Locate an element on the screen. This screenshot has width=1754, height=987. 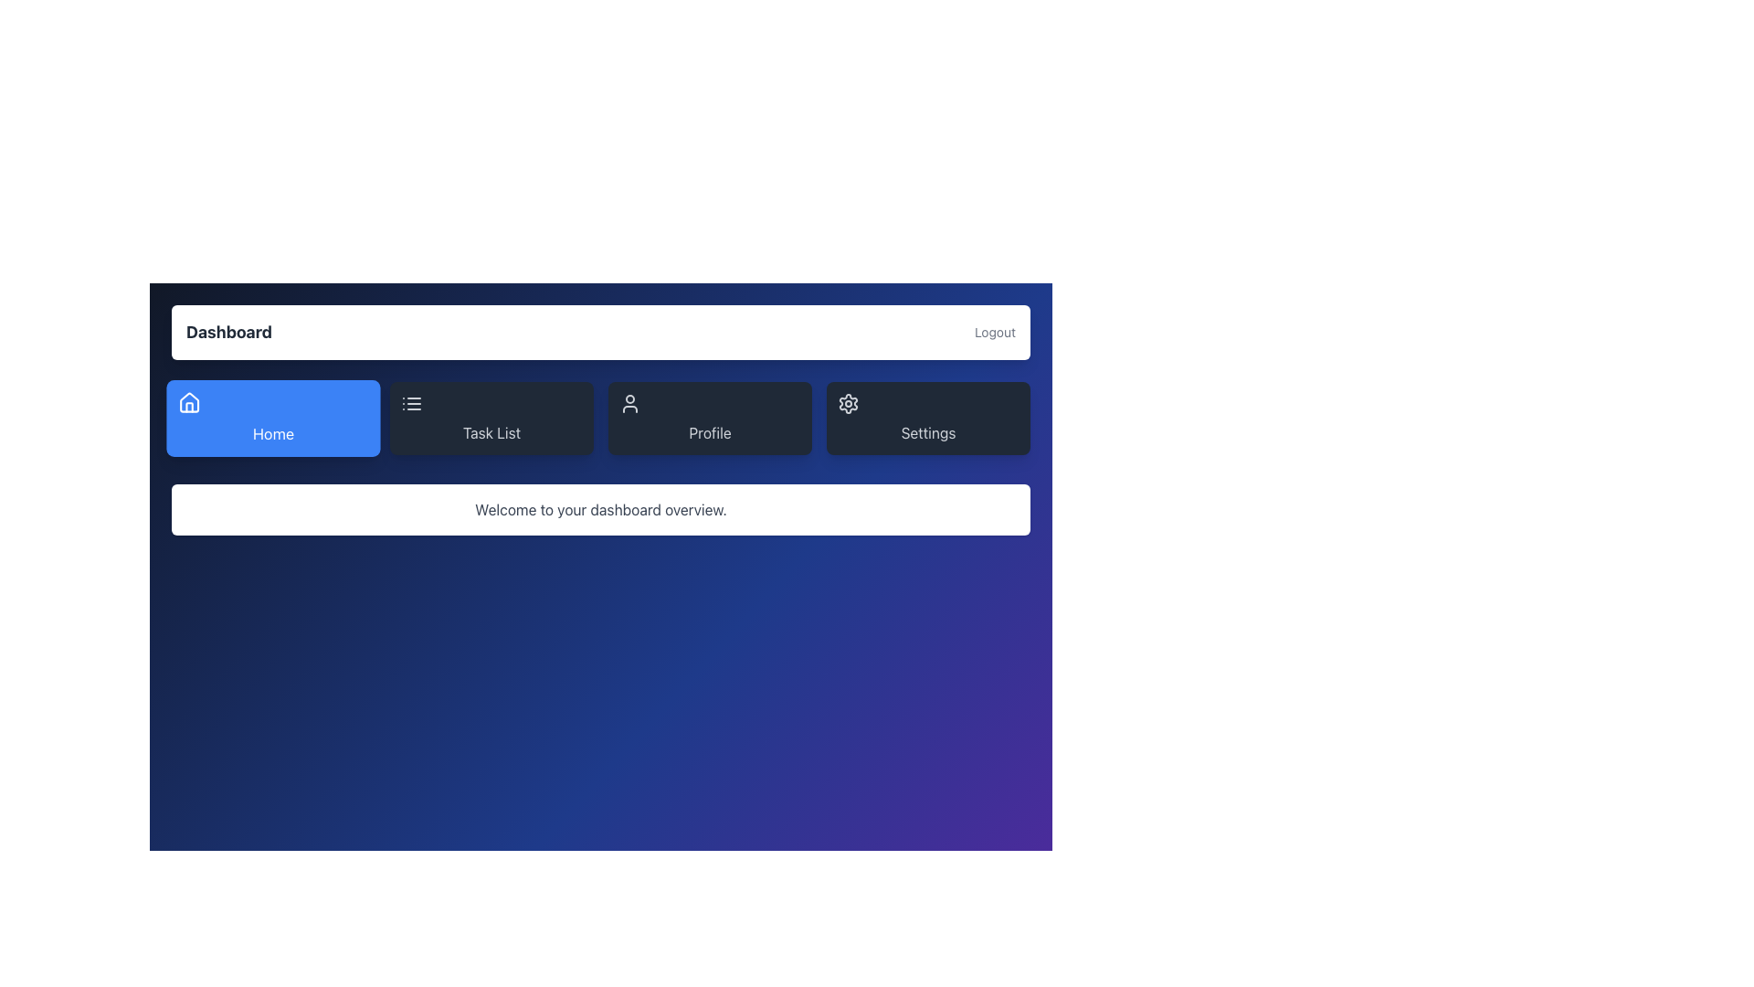
the 'Task List' icon, which is the second icon in the horizontal navigation bar below the header, positioned between the 'Home' and 'Profile' buttons is located at coordinates (411, 403).